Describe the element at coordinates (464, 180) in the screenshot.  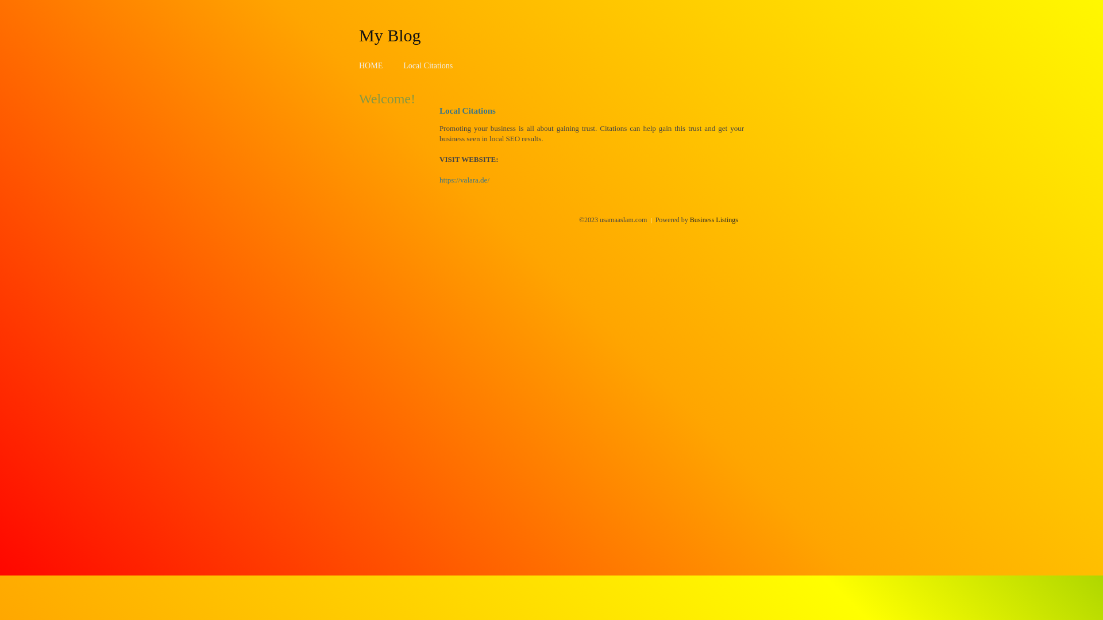
I see `'https://valara.de/'` at that location.